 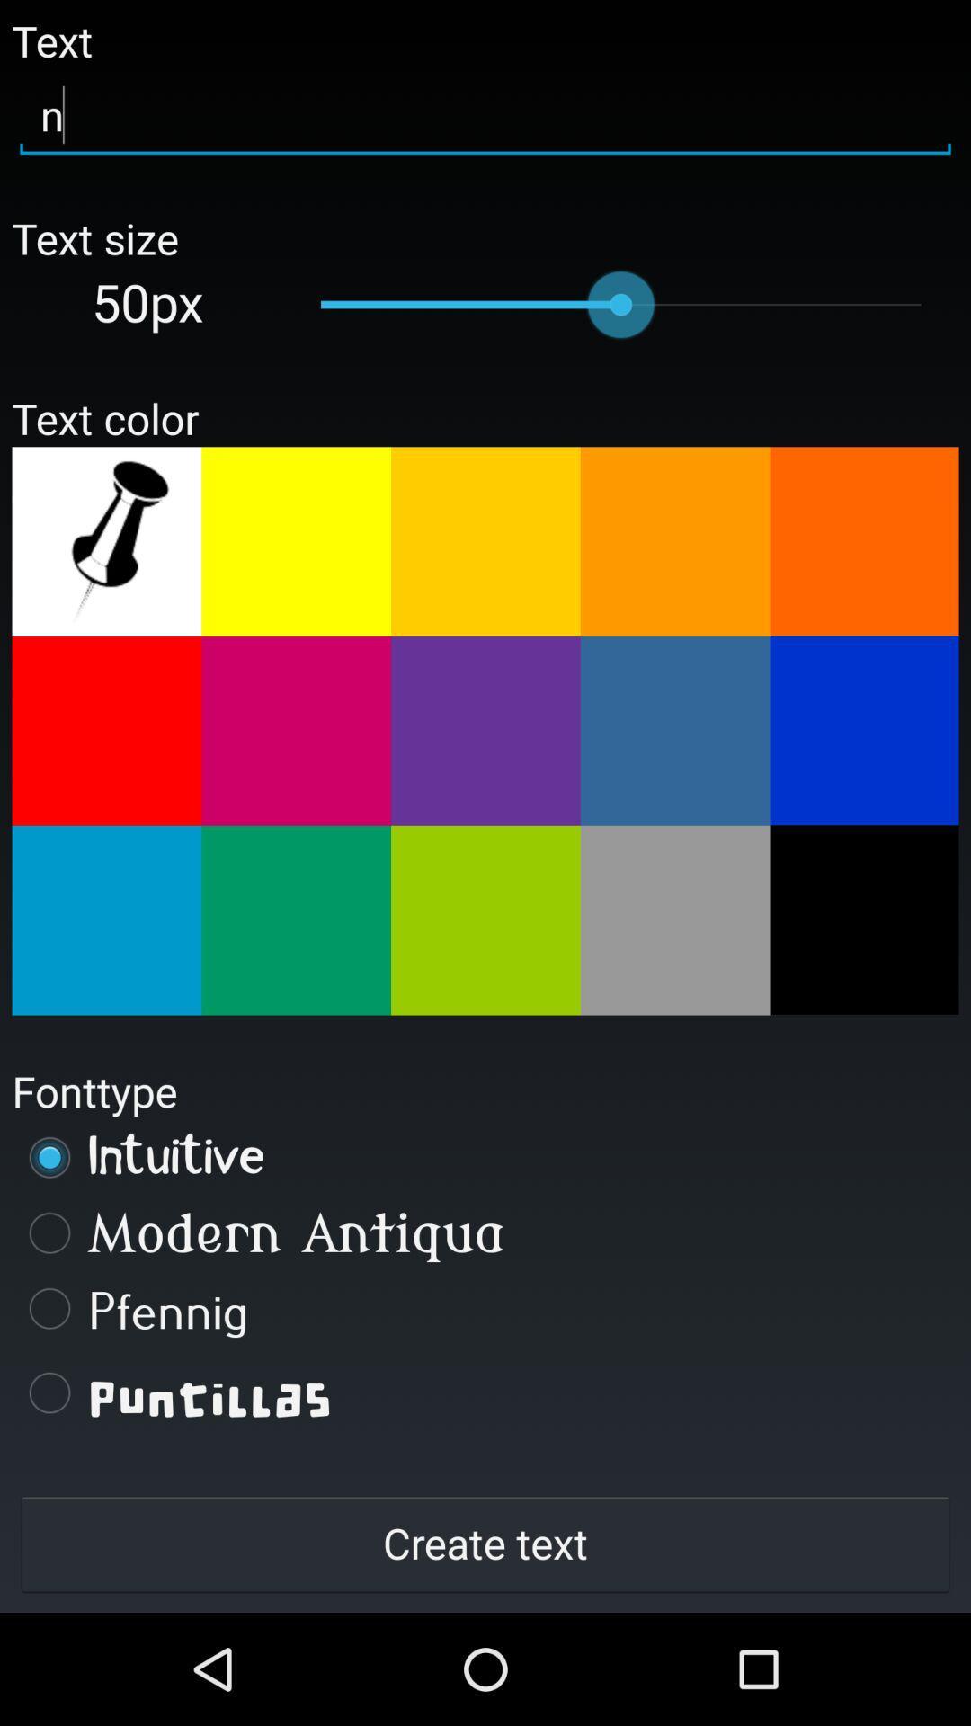 What do you see at coordinates (106, 921) in the screenshot?
I see `cyan for text color` at bounding box center [106, 921].